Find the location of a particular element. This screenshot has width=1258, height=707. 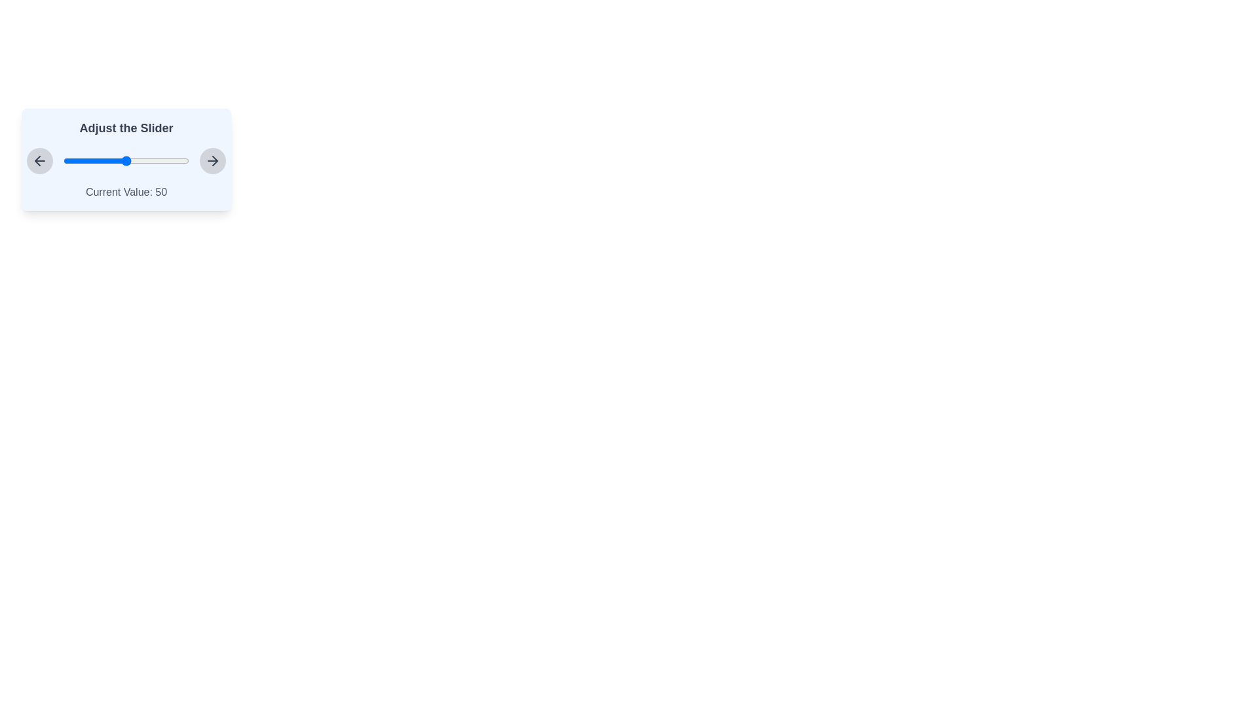

slider value is located at coordinates (155, 160).